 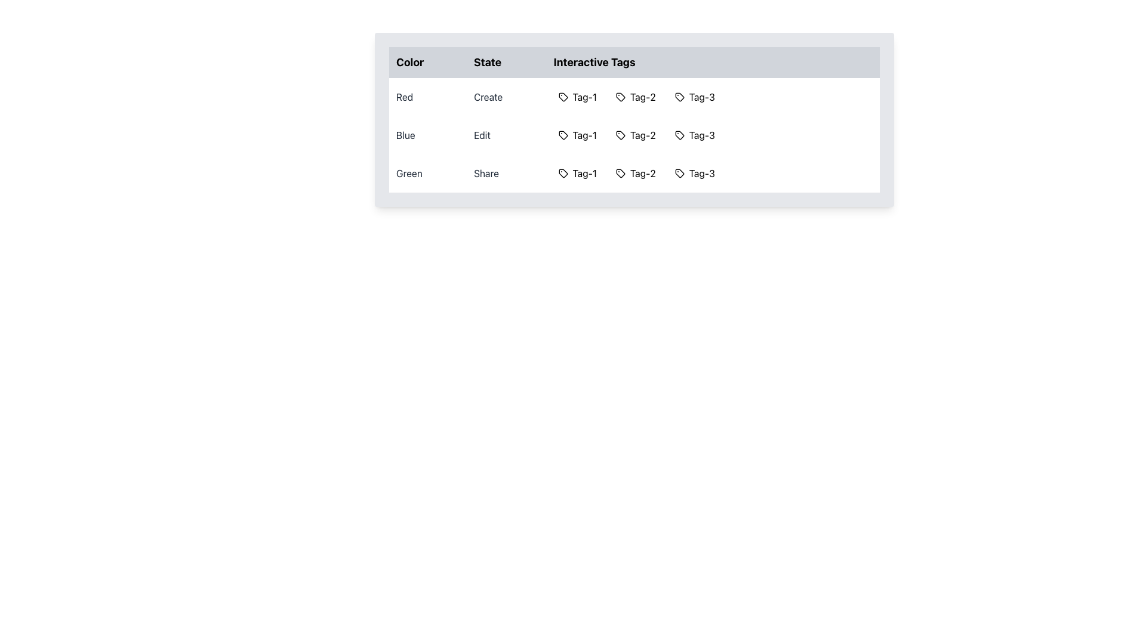 I want to click on the SVG Icon representing the 'Tag-2' label for the 'Red' tag in the 'Interactive Tags' column, so click(x=621, y=96).